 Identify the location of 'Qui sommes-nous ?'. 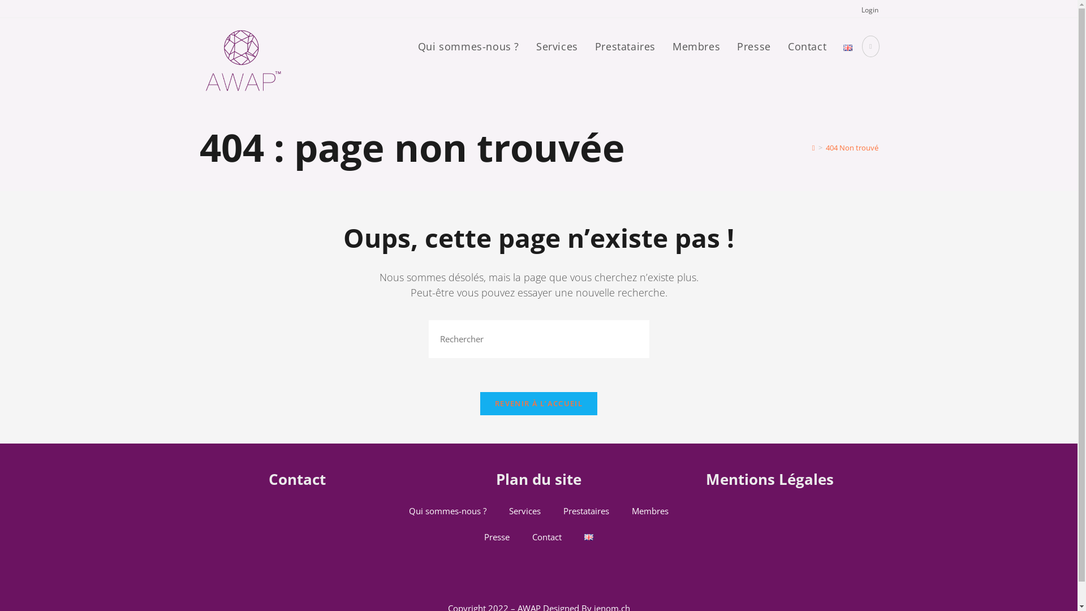
(468, 46).